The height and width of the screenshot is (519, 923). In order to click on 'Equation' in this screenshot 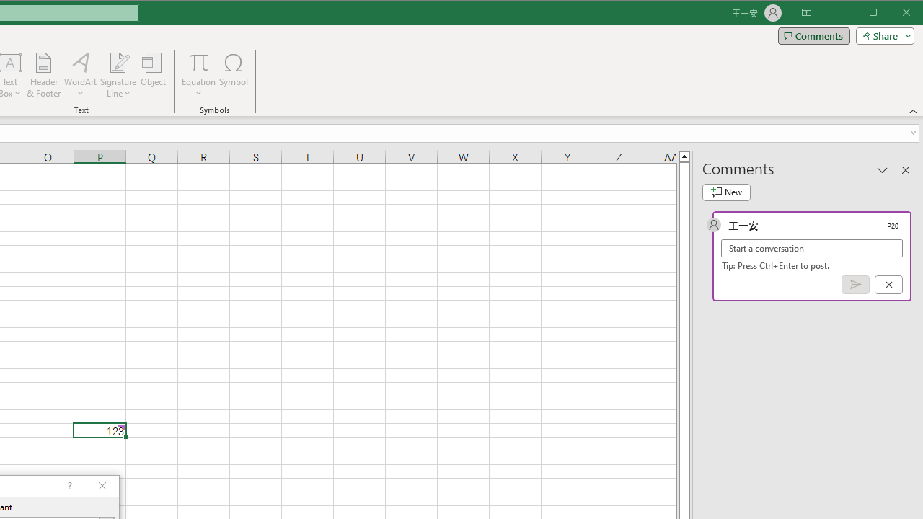, I will do `click(198, 75)`.